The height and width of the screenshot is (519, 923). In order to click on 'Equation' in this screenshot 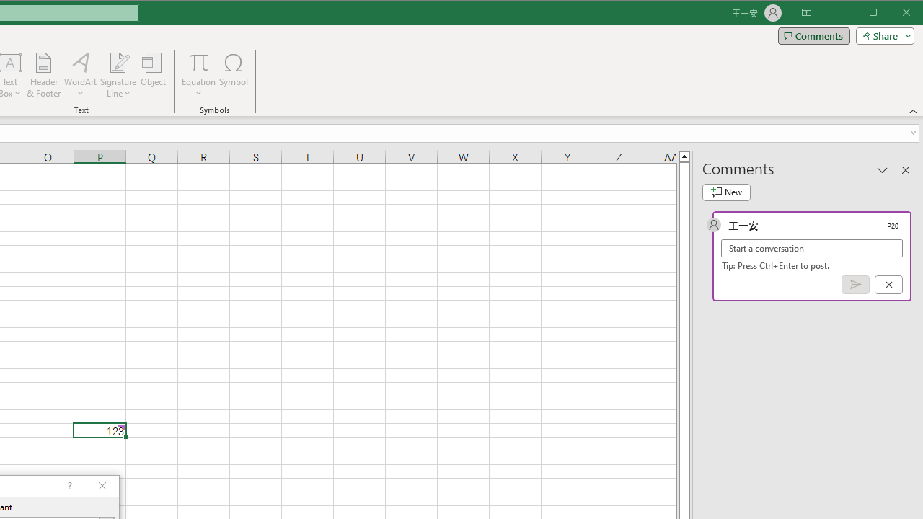, I will do `click(198, 75)`.